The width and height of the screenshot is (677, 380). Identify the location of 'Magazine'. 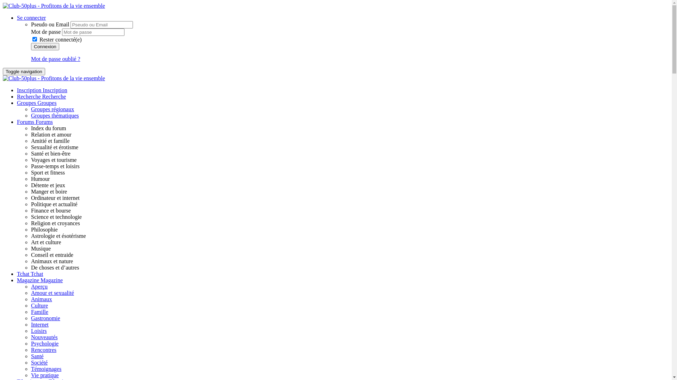
(40, 280).